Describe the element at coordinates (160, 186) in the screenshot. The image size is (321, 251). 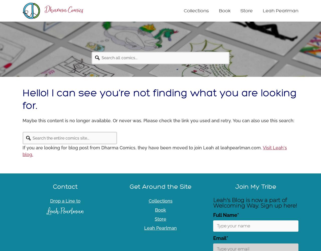
I see `'Get Around the Site'` at that location.